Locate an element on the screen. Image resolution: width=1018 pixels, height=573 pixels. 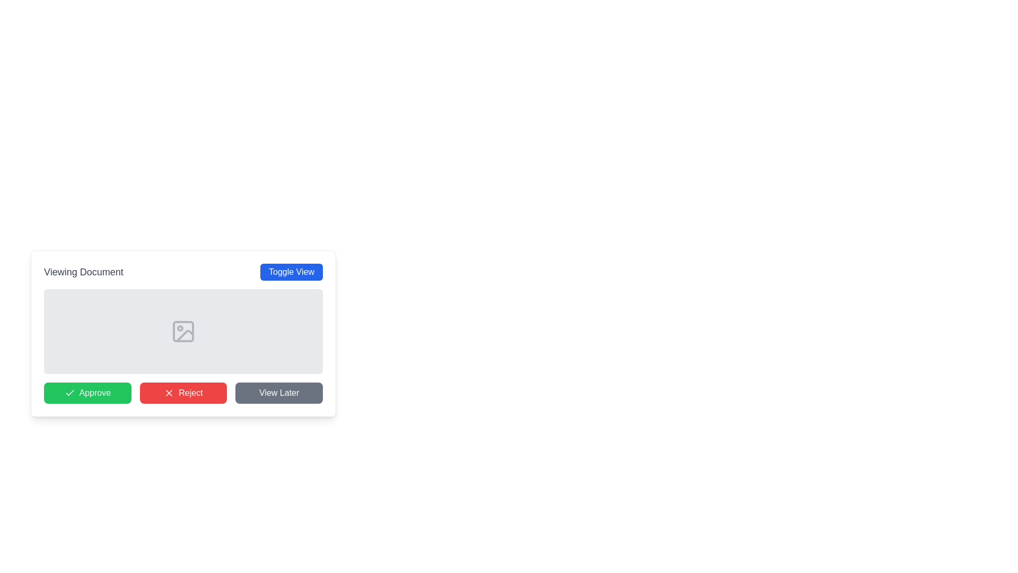
the 'Reject' button, which features a cross symbol icon at its center, positioned between the 'Approve' and 'View Later' buttons is located at coordinates (169, 393).